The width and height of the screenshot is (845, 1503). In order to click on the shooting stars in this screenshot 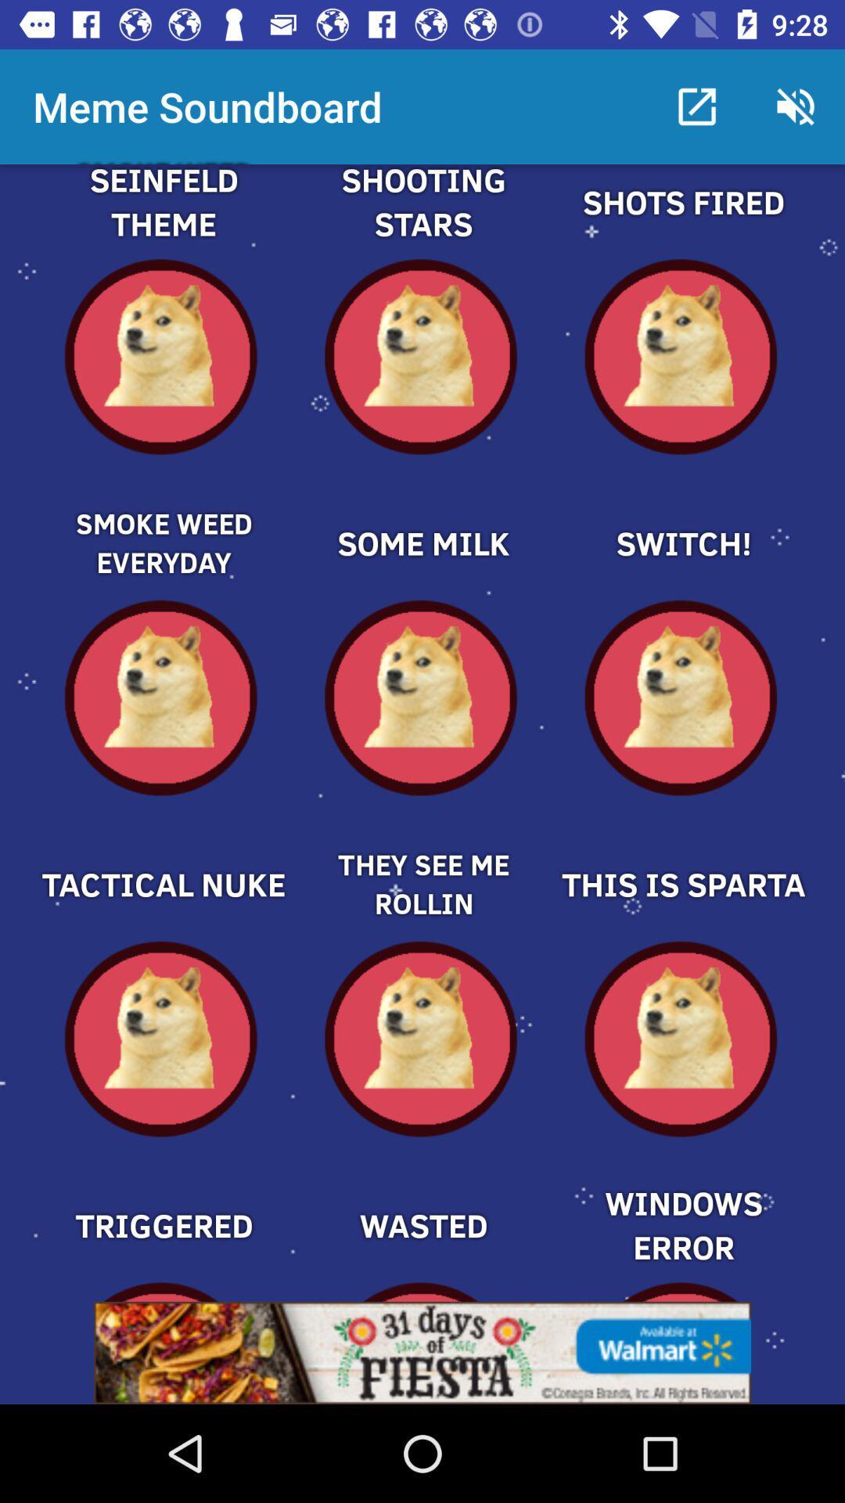, I will do `click(422, 220)`.